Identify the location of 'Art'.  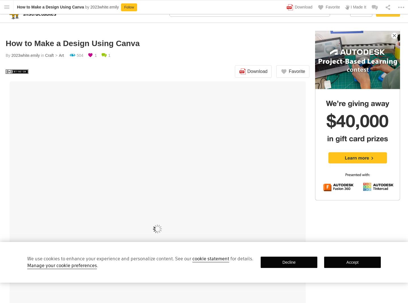
(61, 55).